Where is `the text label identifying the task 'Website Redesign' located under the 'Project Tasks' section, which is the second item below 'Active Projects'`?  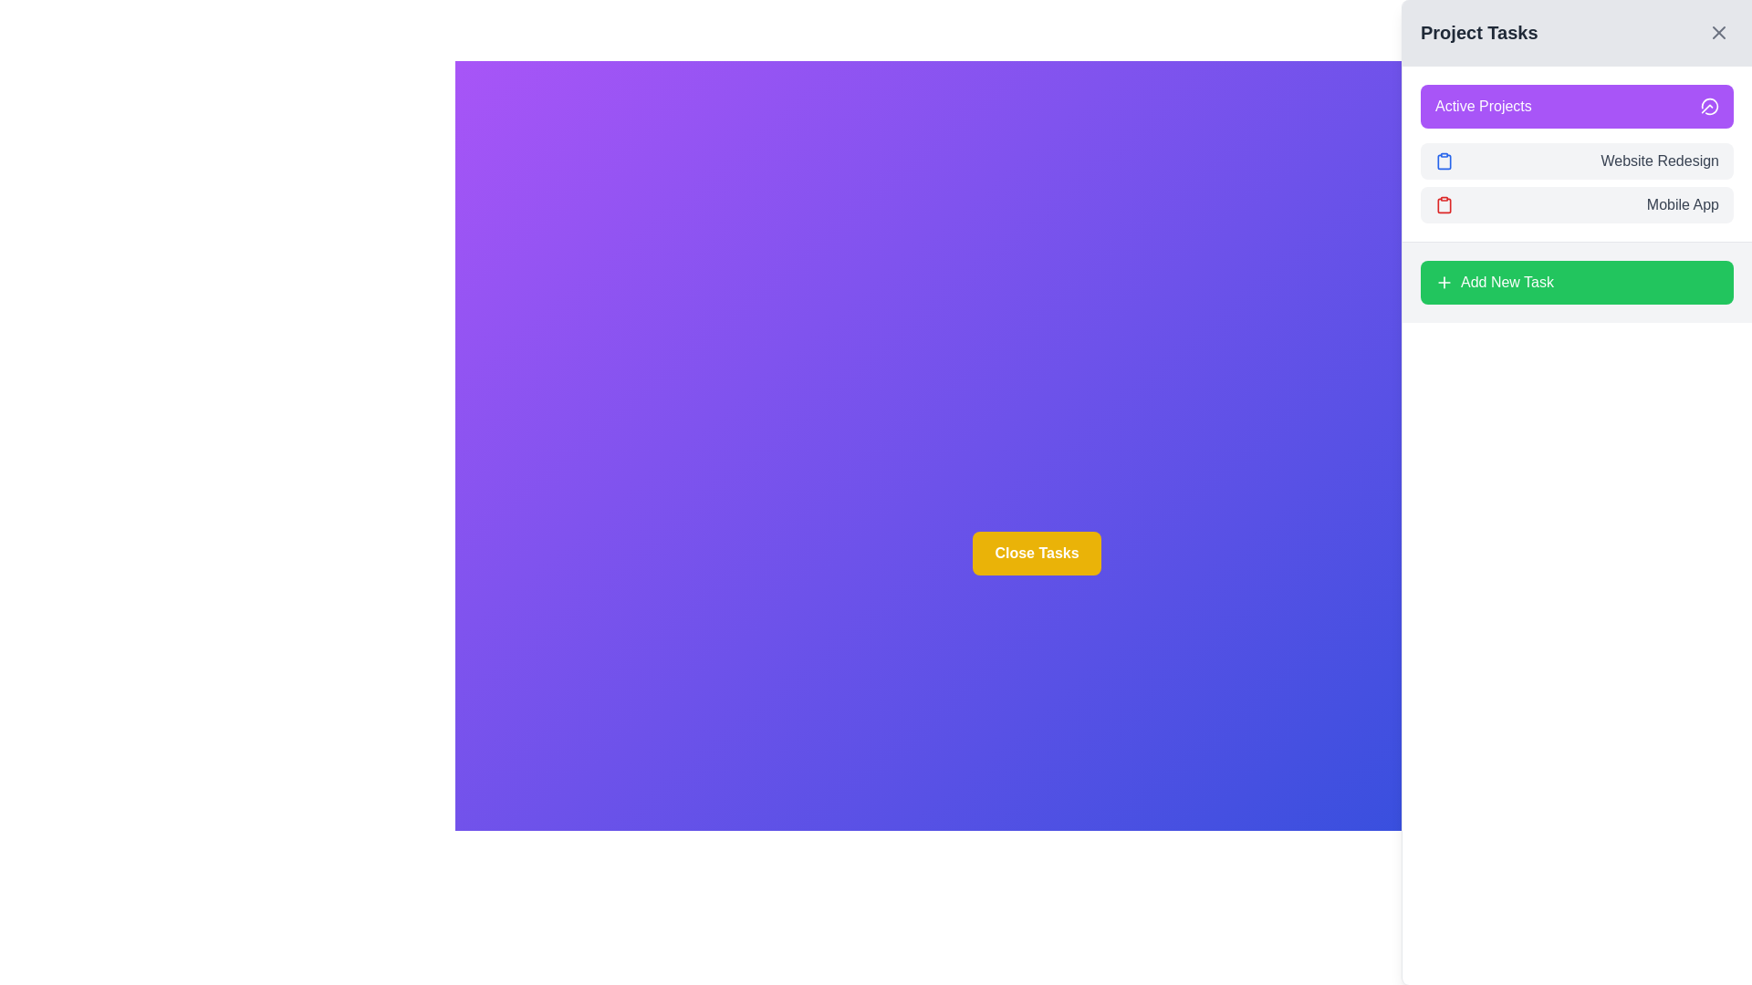 the text label identifying the task 'Website Redesign' located under the 'Project Tasks' section, which is the second item below 'Active Projects' is located at coordinates (1660, 161).